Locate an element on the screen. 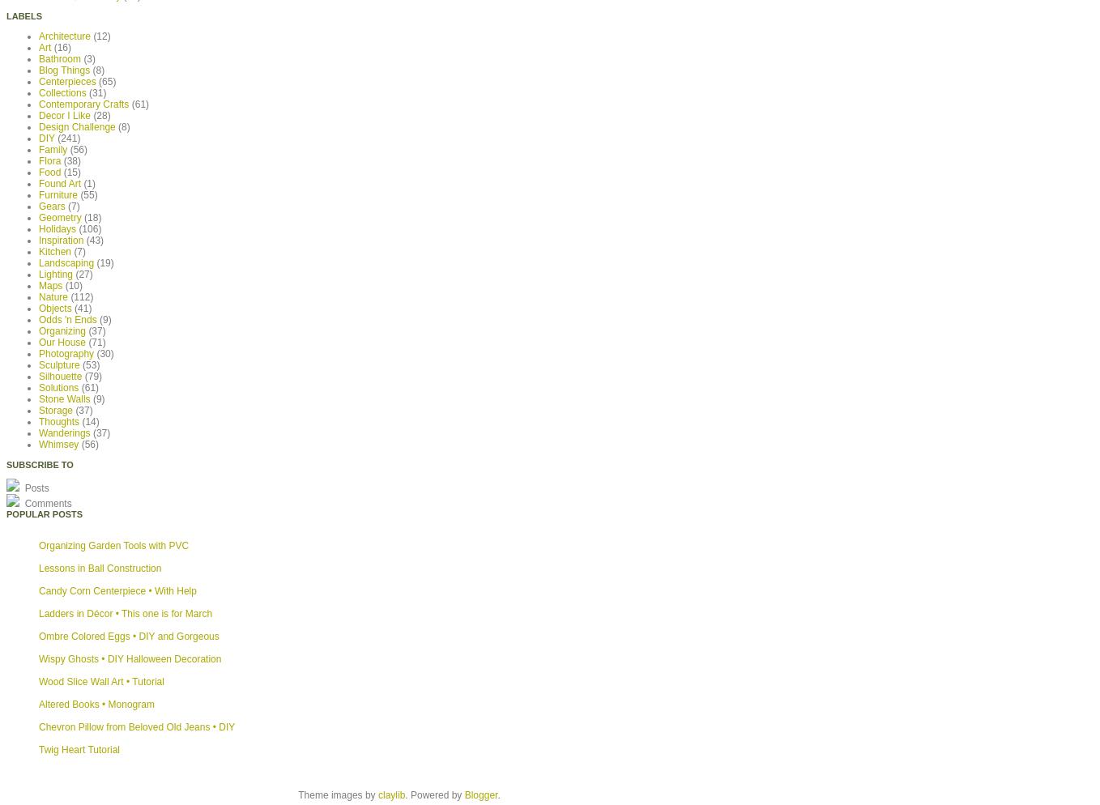 The height and width of the screenshot is (805, 1100). 'Landscaping' is located at coordinates (66, 262).